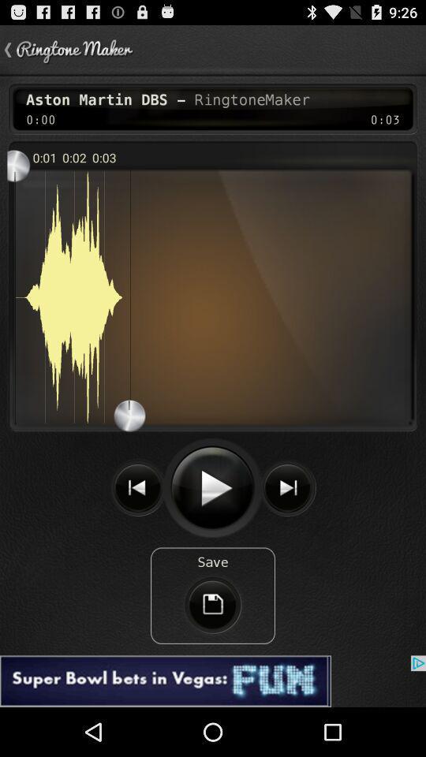 The image size is (426, 757). I want to click on open advertisement, so click(213, 681).